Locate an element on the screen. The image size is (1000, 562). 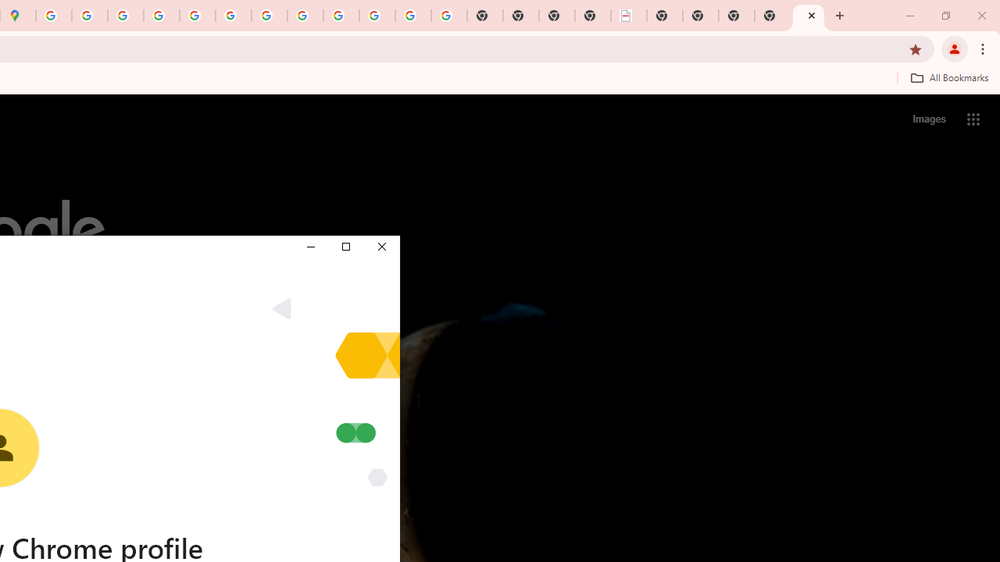
'Maximize' is located at coordinates (345, 246).